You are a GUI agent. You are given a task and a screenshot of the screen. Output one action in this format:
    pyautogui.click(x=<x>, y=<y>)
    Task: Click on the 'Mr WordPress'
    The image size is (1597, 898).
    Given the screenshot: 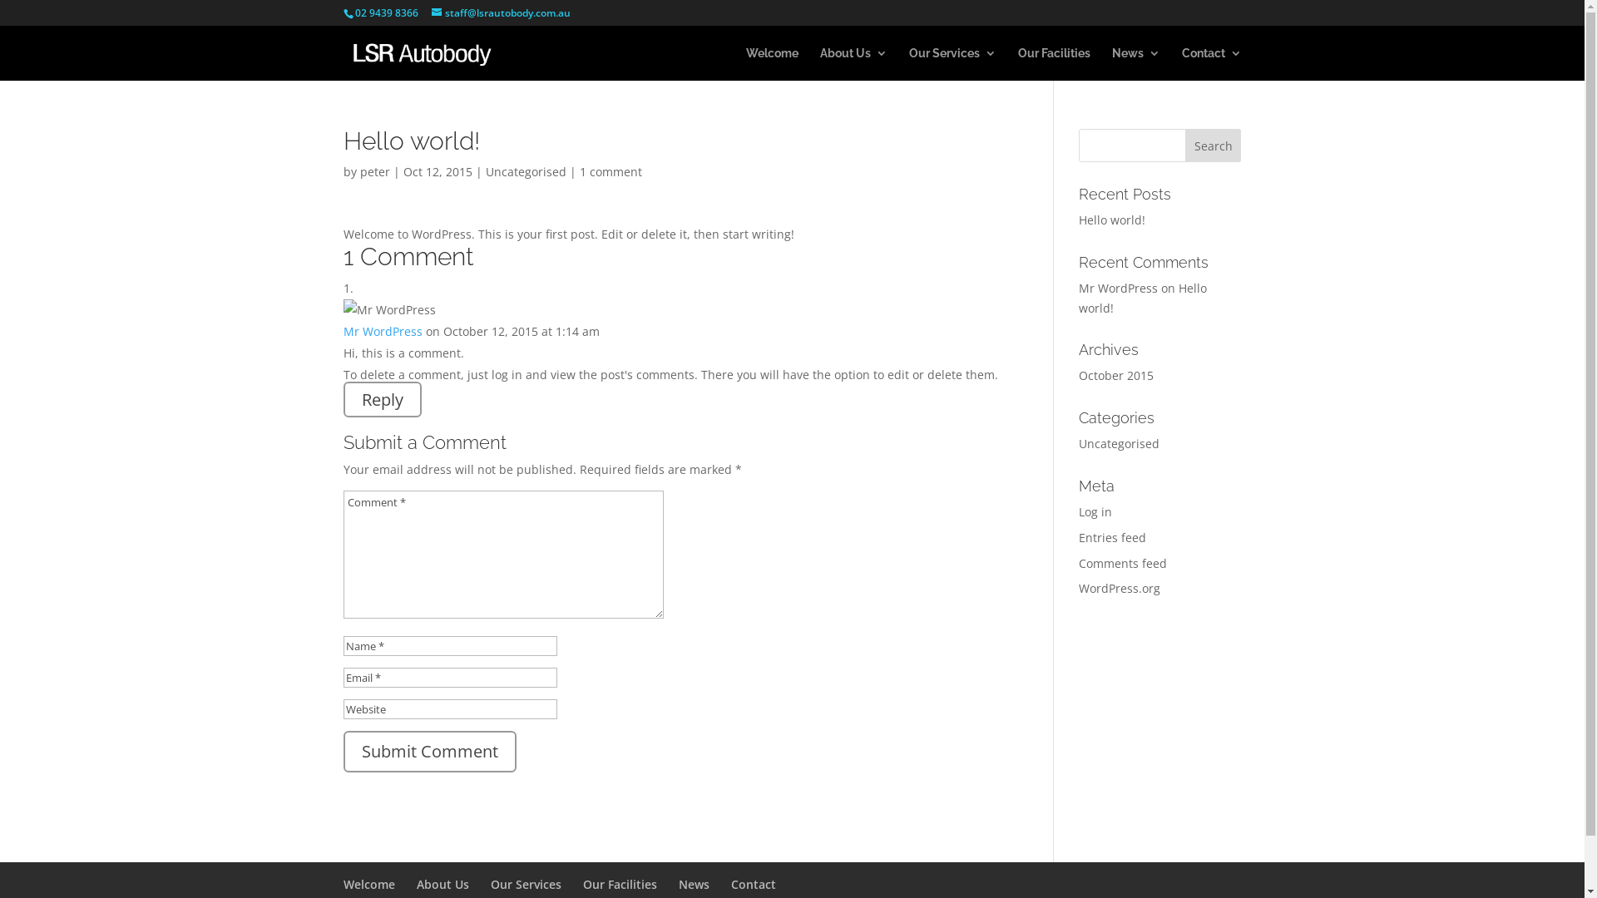 What is the action you would take?
    pyautogui.click(x=1118, y=287)
    